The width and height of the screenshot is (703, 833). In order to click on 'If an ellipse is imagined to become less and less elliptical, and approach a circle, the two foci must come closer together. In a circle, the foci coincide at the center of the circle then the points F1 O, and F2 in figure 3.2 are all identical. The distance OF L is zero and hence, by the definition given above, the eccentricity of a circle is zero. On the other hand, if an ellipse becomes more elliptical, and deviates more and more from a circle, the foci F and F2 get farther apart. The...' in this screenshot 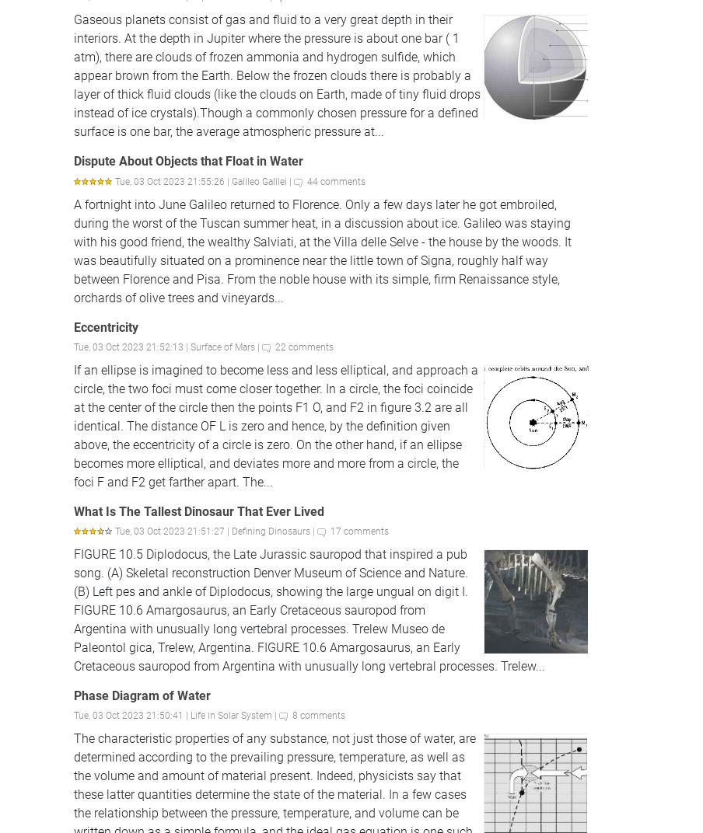, I will do `click(275, 424)`.